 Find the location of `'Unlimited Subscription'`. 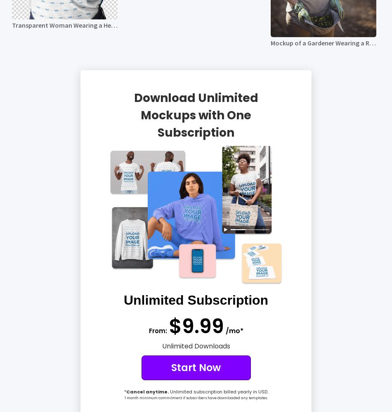

'Unlimited Subscription' is located at coordinates (123, 300).